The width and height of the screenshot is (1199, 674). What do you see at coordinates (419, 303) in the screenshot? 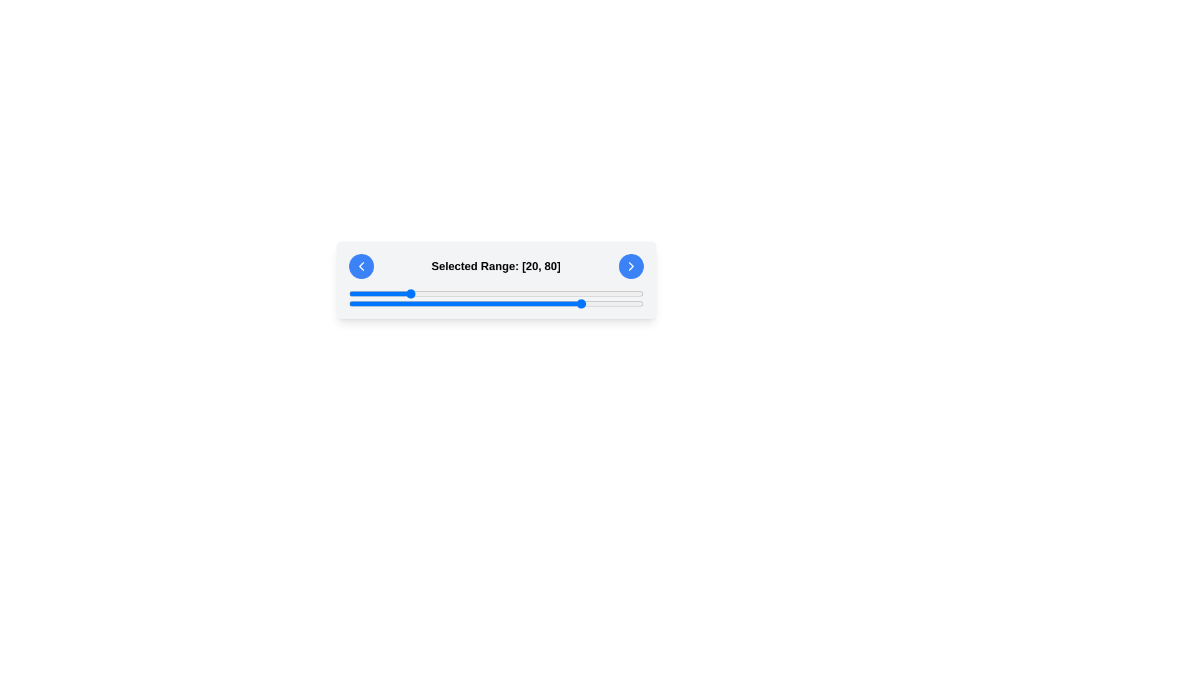
I see `the slider` at bounding box center [419, 303].